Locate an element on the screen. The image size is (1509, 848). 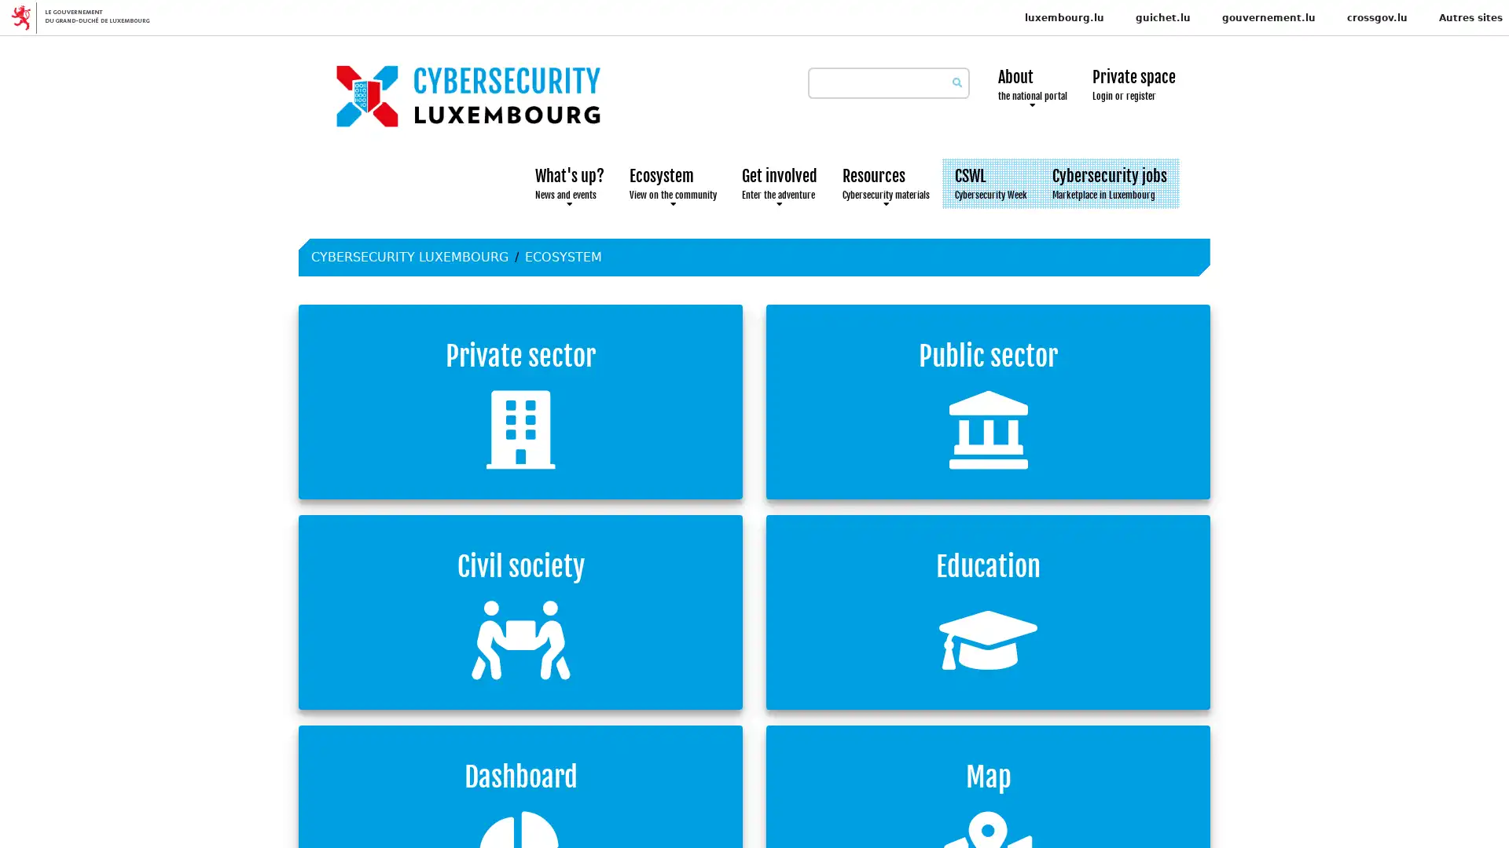
Cybersecurity jobs Marketplace in Luxembourg is located at coordinates (1108, 183).